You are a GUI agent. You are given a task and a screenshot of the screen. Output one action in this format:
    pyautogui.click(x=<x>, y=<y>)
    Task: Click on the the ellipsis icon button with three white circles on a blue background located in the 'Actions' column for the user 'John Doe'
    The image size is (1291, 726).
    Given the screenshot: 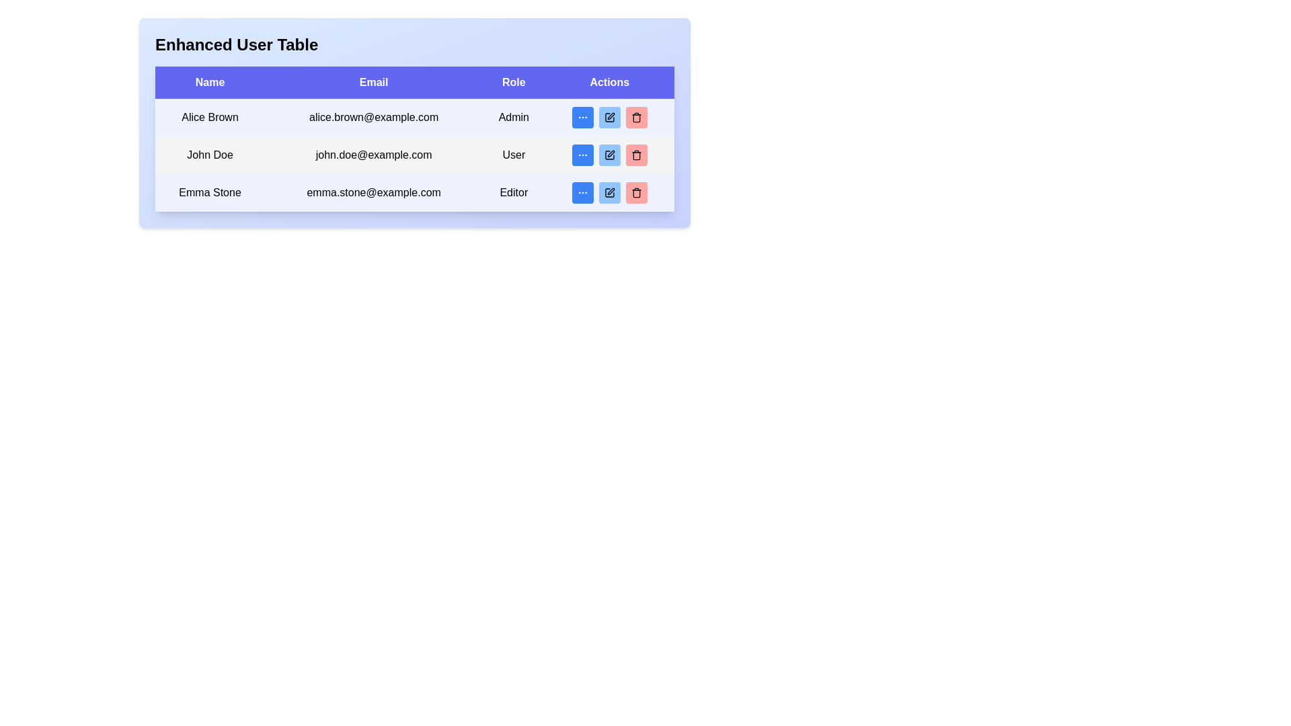 What is the action you would take?
    pyautogui.click(x=582, y=155)
    